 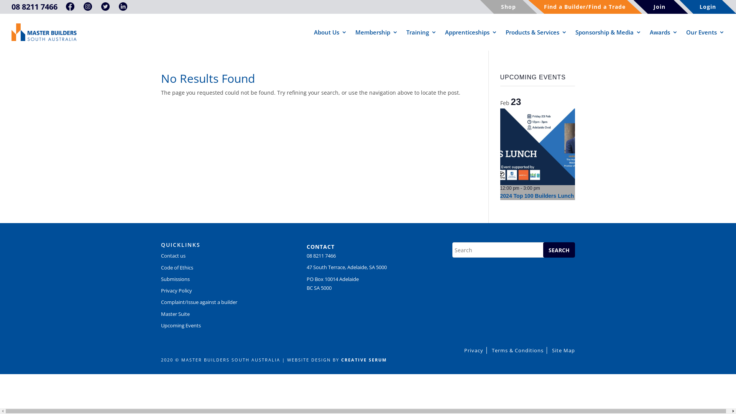 I want to click on 'Contact us', so click(x=172, y=256).